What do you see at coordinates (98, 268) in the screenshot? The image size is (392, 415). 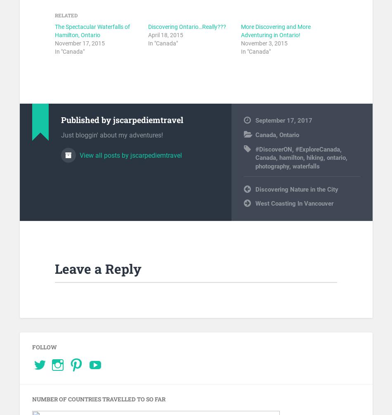 I see `'Leave a Reply'` at bounding box center [98, 268].